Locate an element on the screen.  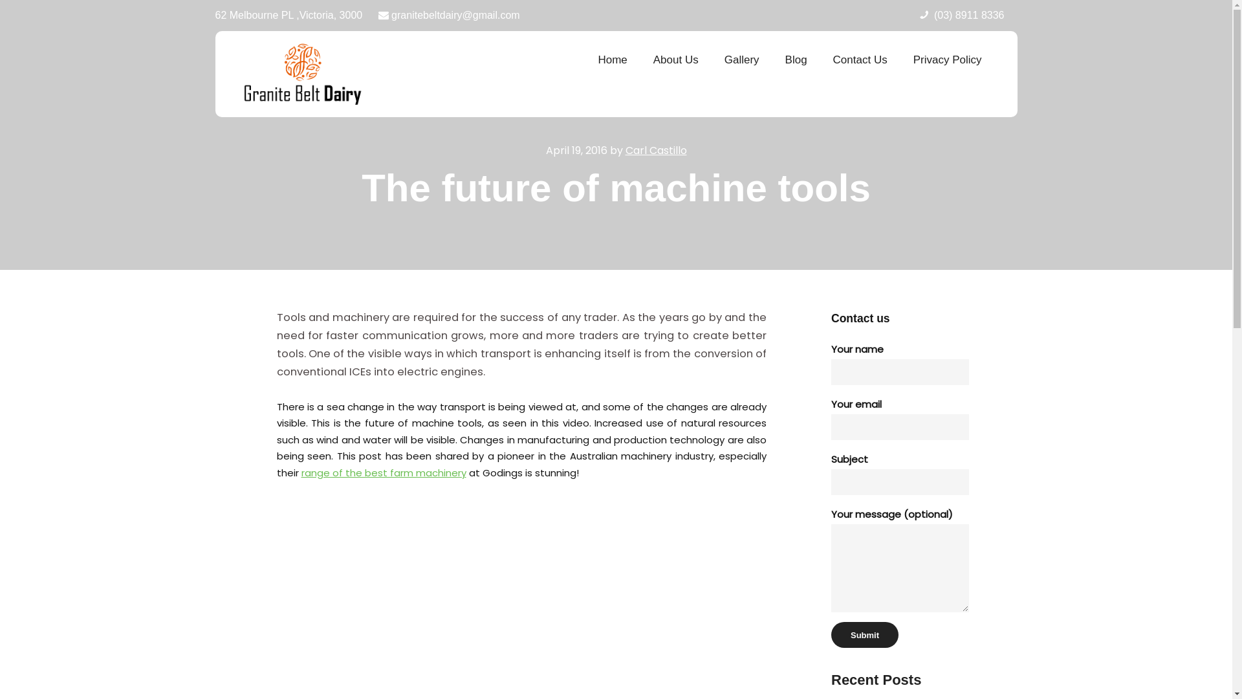
'Carl Castillo' is located at coordinates (655, 150).